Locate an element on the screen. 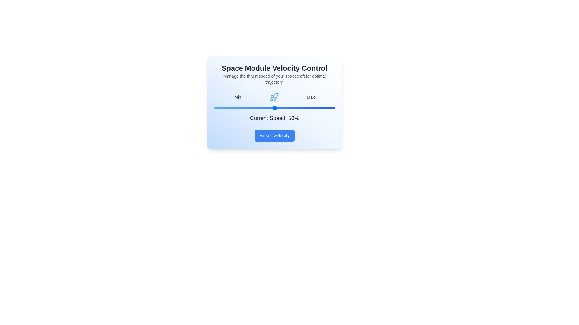  the speed slider to set the speed to 30% is located at coordinates (250, 107).